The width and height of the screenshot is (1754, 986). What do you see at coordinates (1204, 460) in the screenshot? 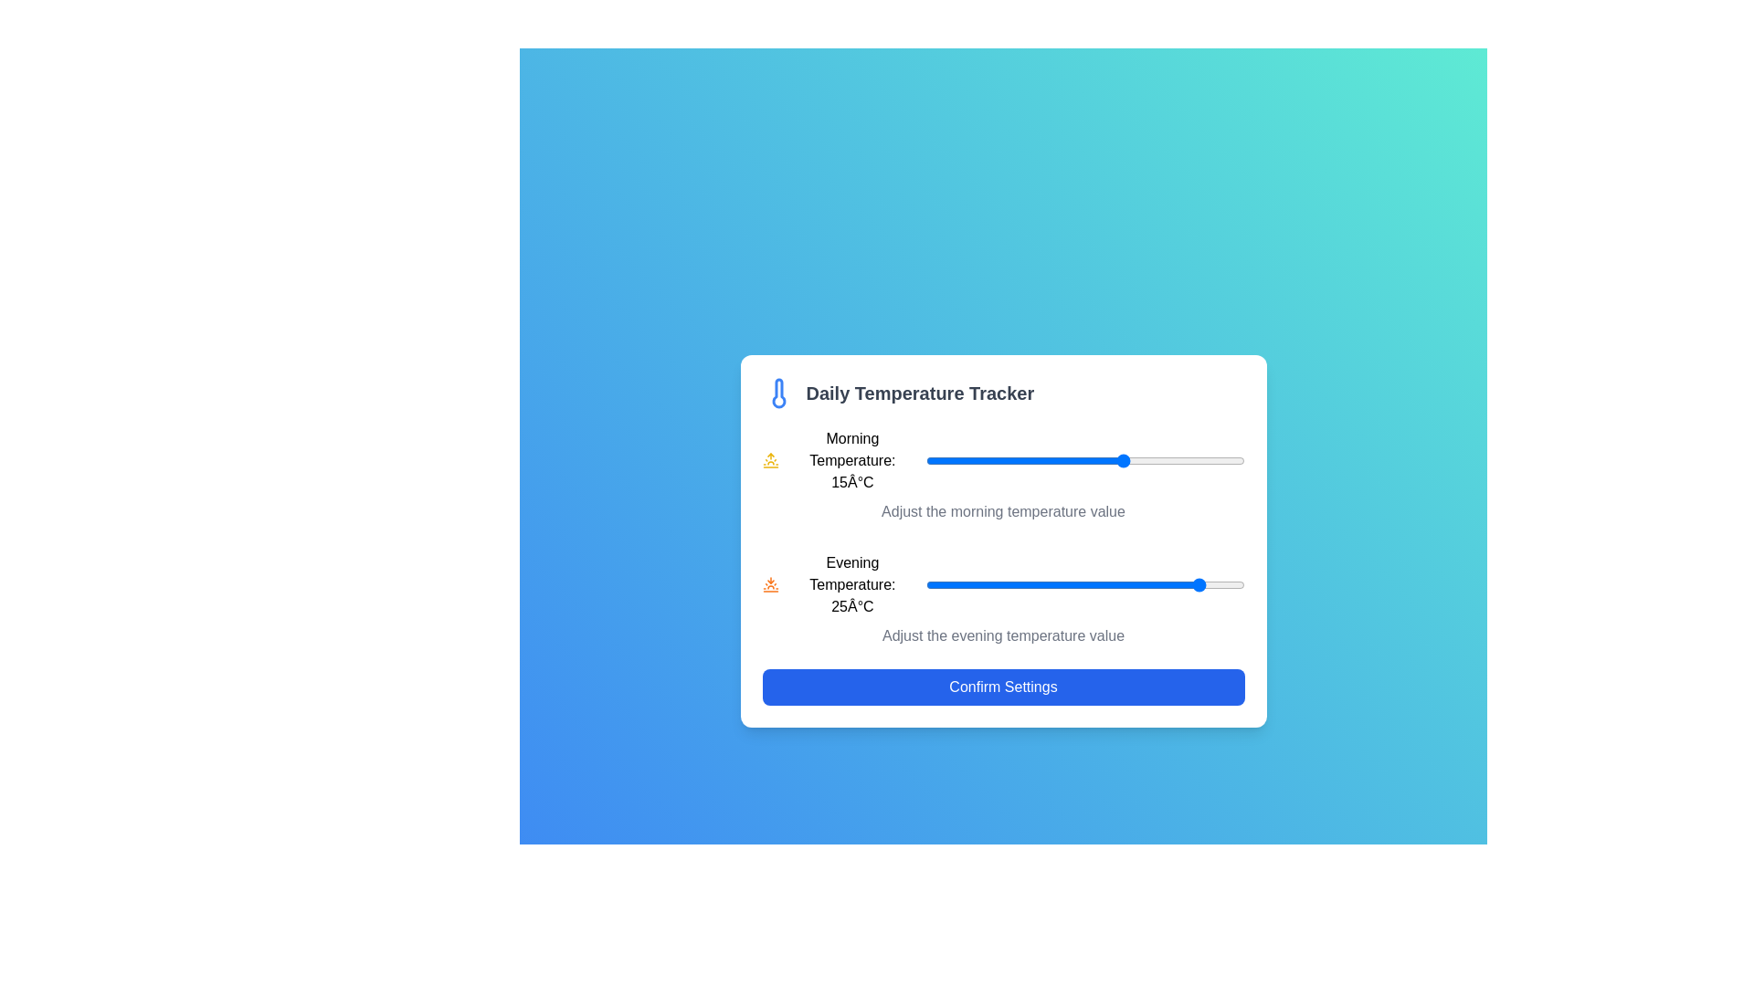
I see `the morning temperature slider to a value of 25` at bounding box center [1204, 460].